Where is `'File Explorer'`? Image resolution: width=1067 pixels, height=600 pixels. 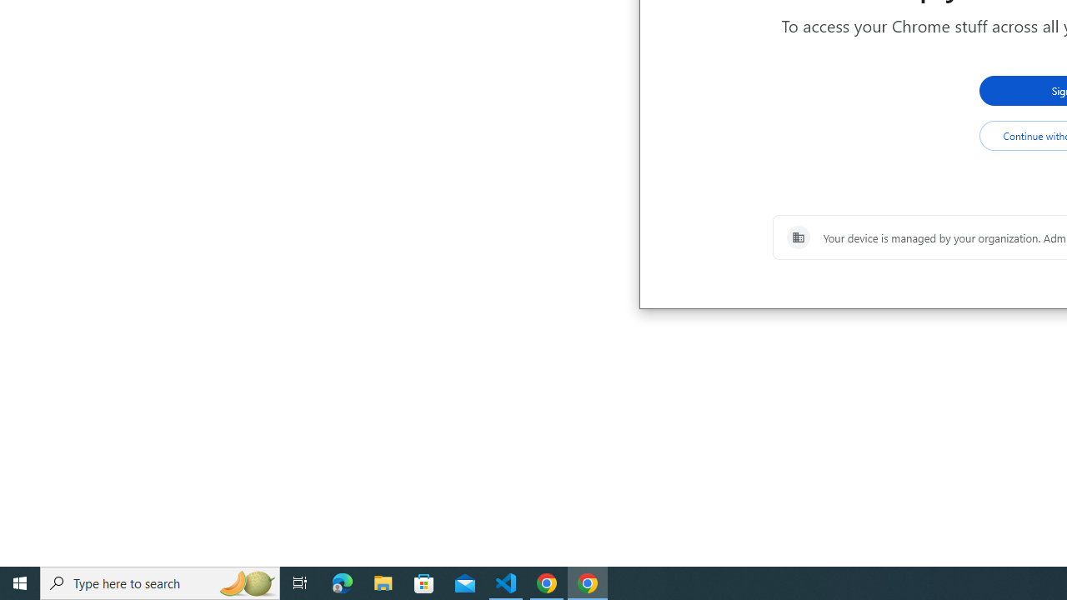
'File Explorer' is located at coordinates (383, 582).